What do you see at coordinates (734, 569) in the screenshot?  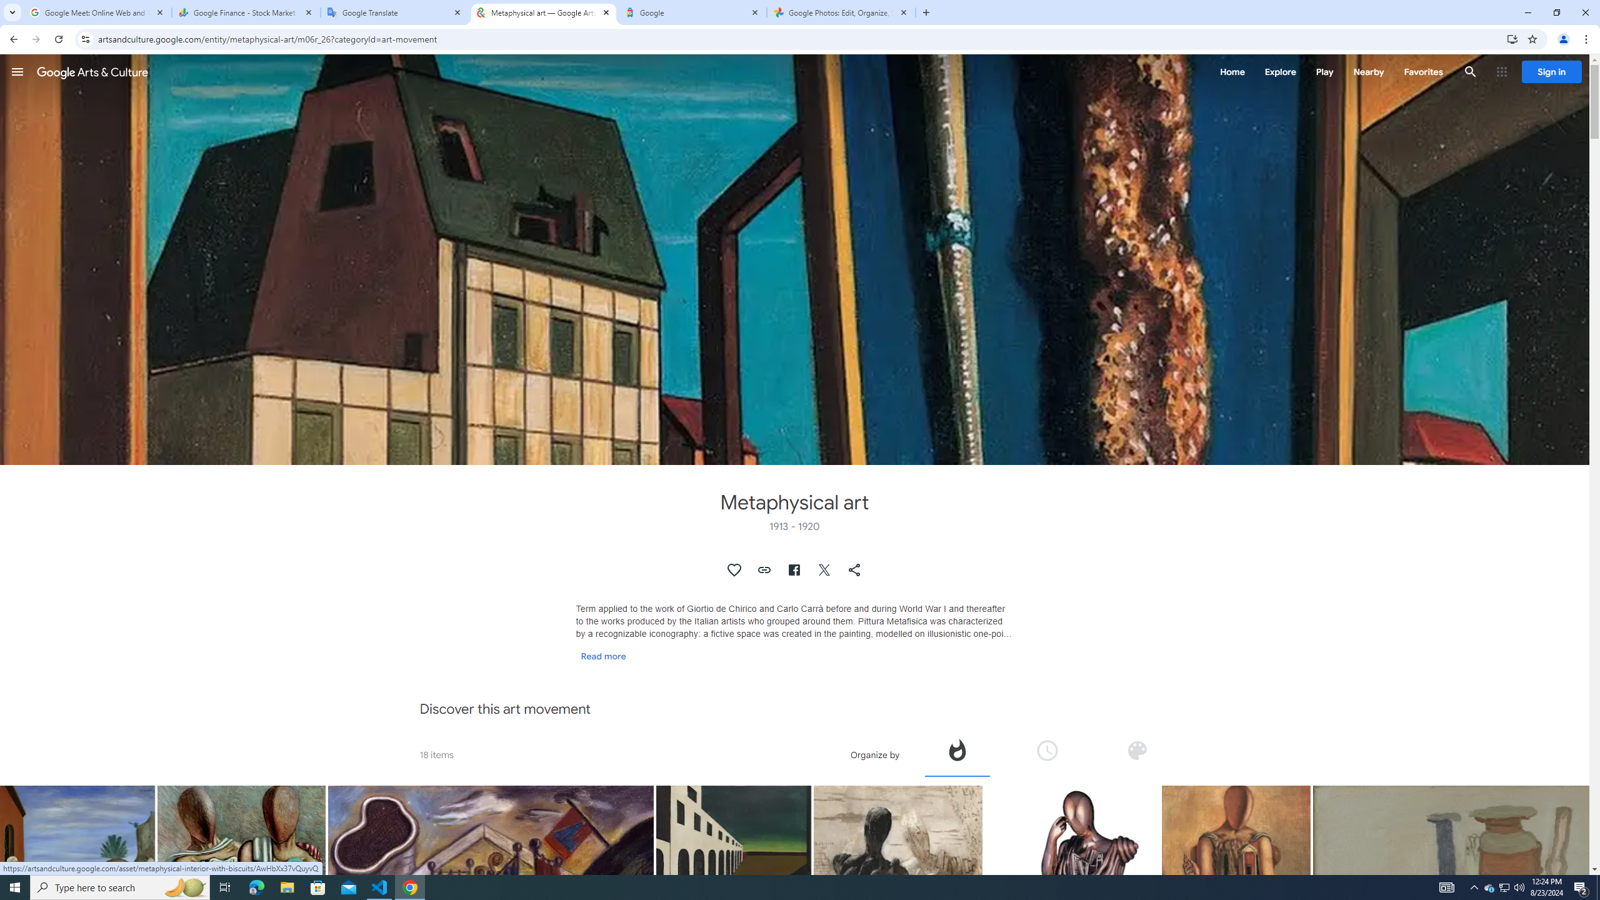 I see `'Authenticate to favorite this asset.'` at bounding box center [734, 569].